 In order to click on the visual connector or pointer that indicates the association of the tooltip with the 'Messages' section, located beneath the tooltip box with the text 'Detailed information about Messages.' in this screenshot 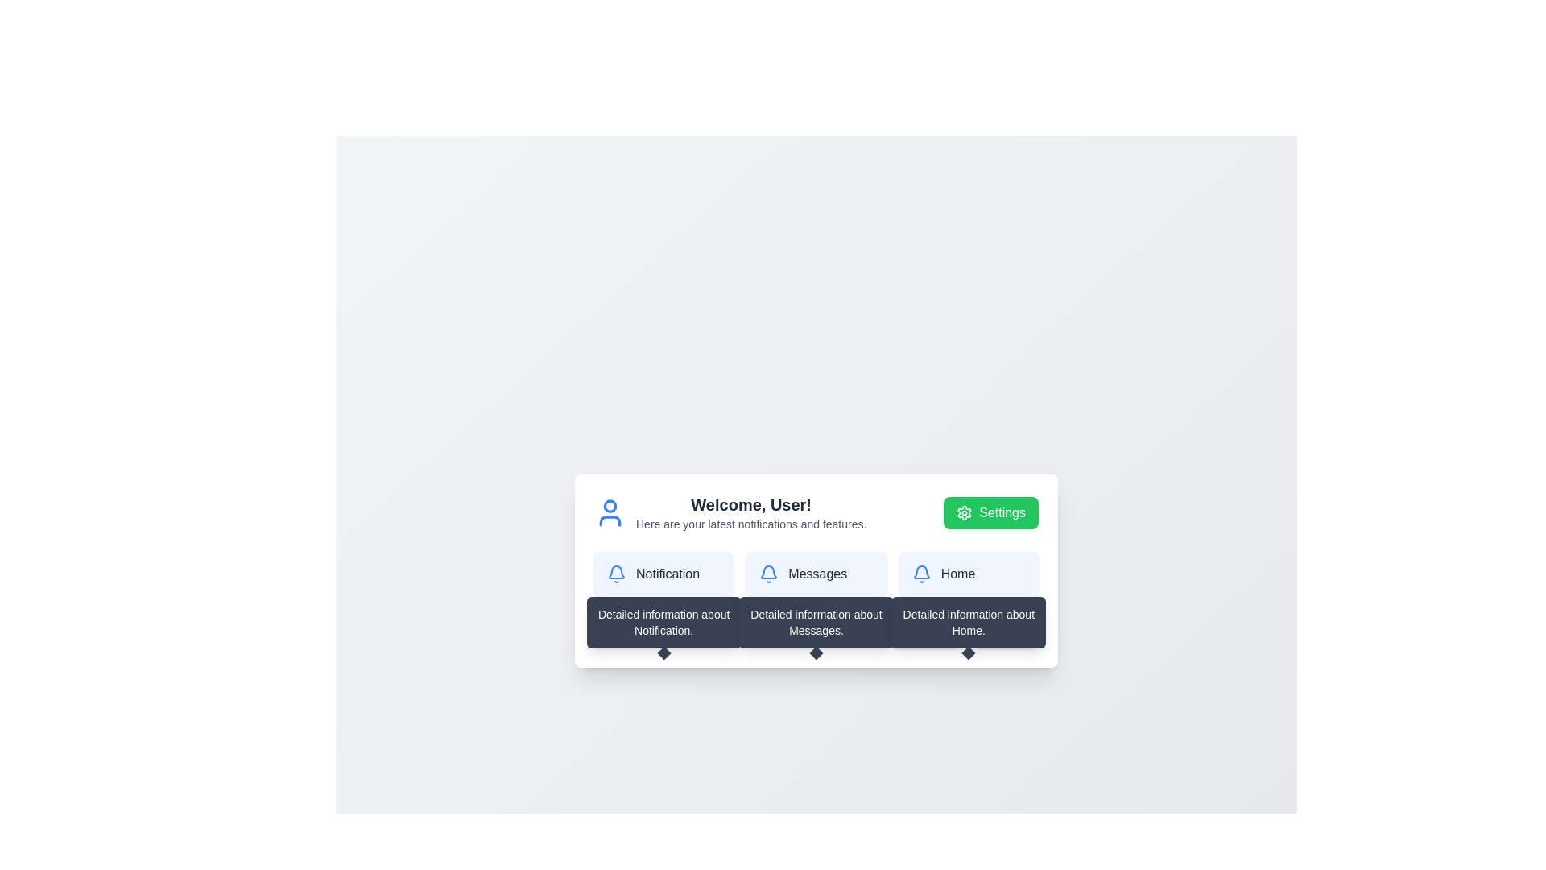, I will do `click(816, 652)`.